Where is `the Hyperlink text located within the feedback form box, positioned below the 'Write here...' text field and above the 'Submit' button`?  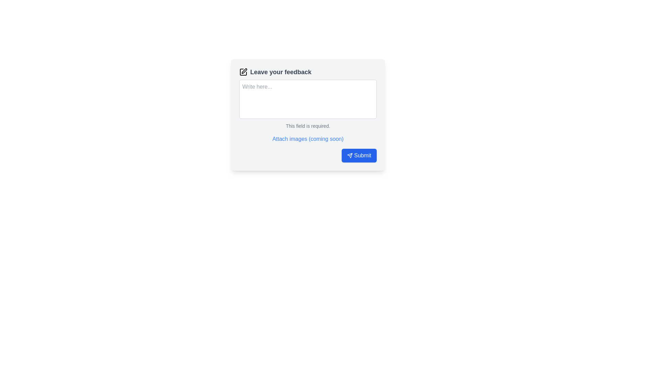
the Hyperlink text located within the feedback form box, positioned below the 'Write here...' text field and above the 'Submit' button is located at coordinates (308, 139).